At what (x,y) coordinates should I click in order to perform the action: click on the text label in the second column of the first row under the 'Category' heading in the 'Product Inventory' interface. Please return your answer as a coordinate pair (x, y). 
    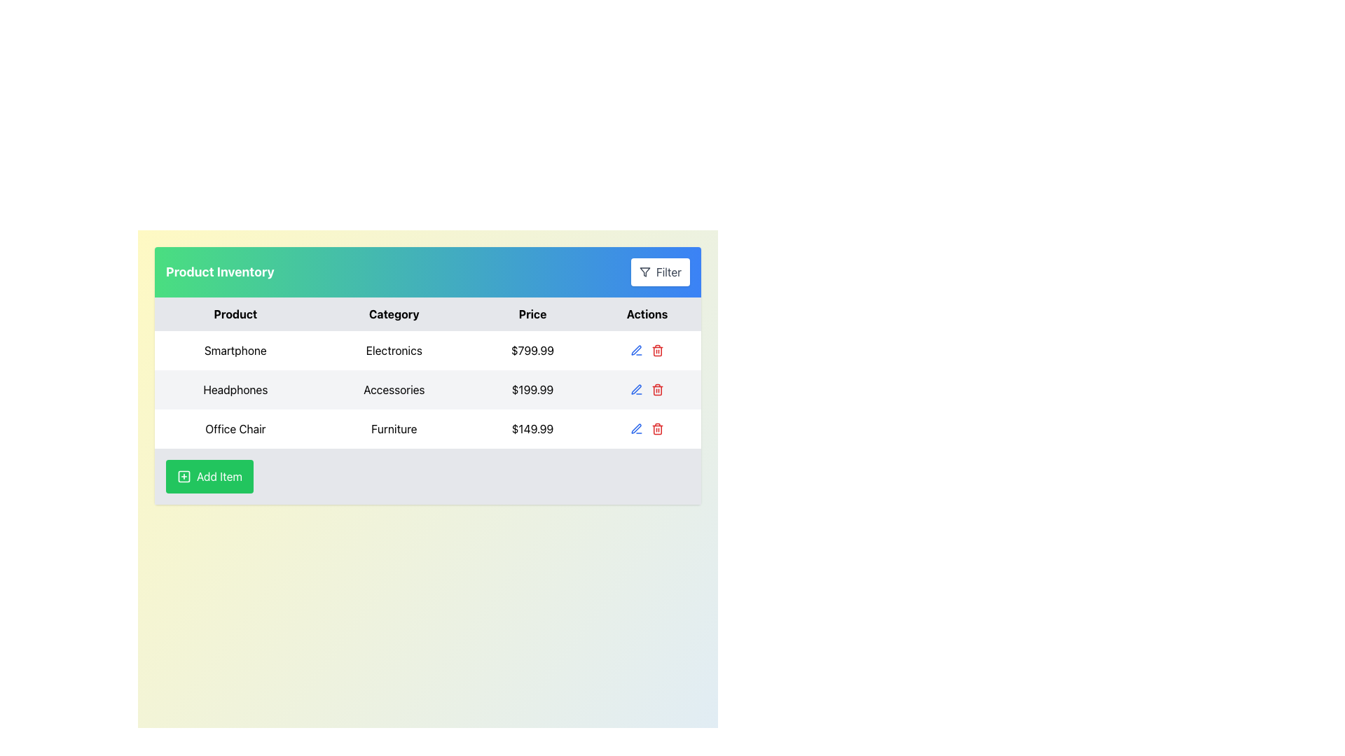
    Looking at the image, I should click on (393, 350).